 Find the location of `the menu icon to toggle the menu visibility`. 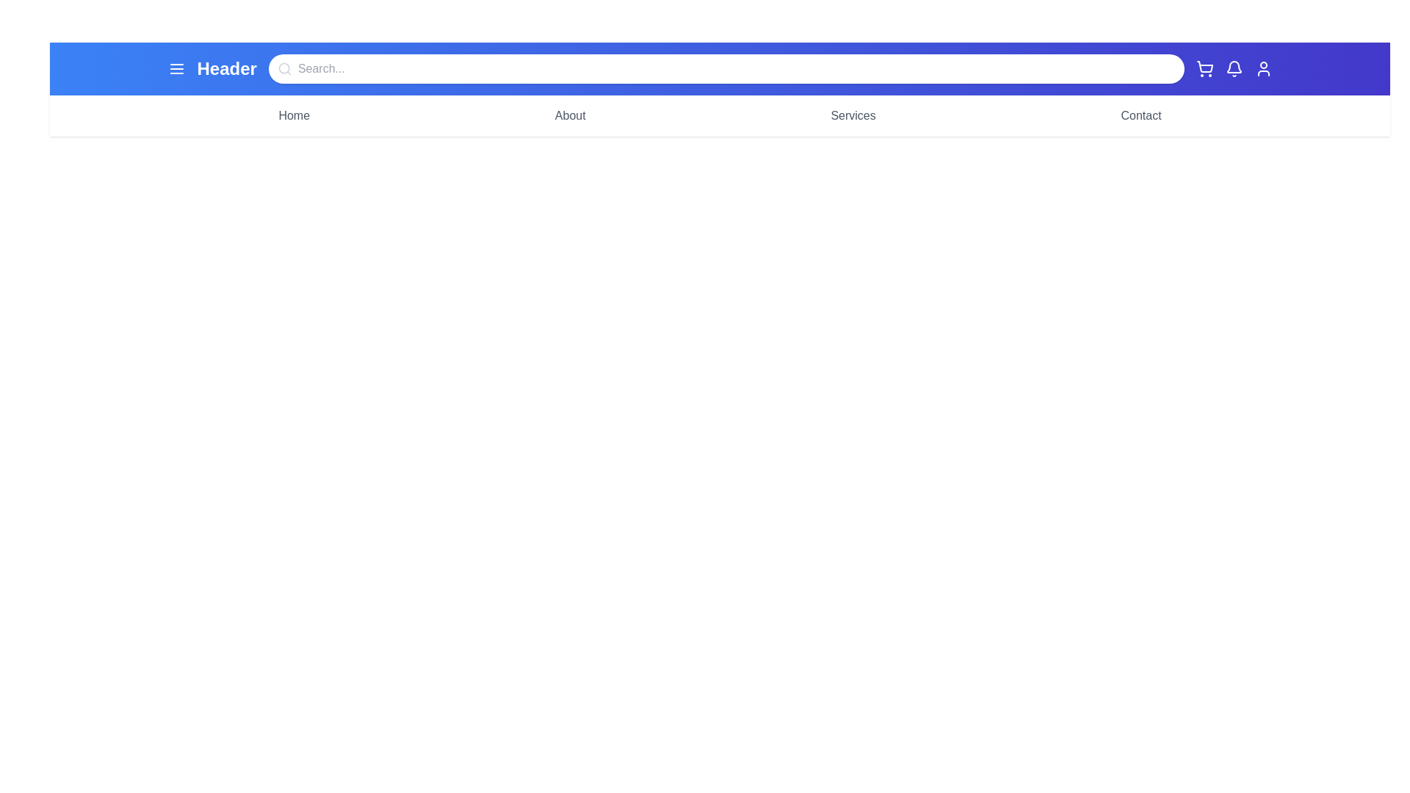

the menu icon to toggle the menu visibility is located at coordinates (176, 68).